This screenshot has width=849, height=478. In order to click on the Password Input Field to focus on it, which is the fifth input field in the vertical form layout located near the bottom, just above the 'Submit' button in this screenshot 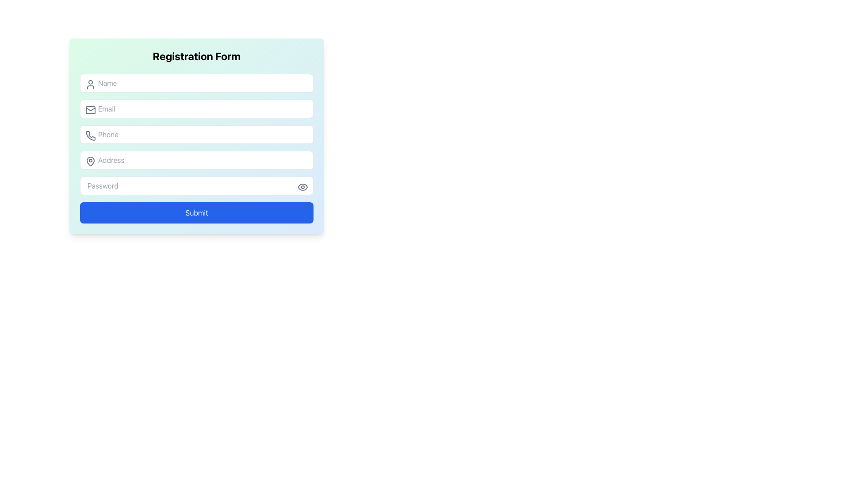, I will do `click(196, 185)`.